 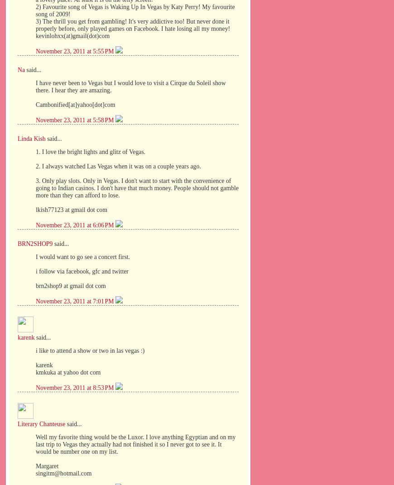 What do you see at coordinates (34, 243) in the screenshot?
I see `'BRN2SHOP9'` at bounding box center [34, 243].